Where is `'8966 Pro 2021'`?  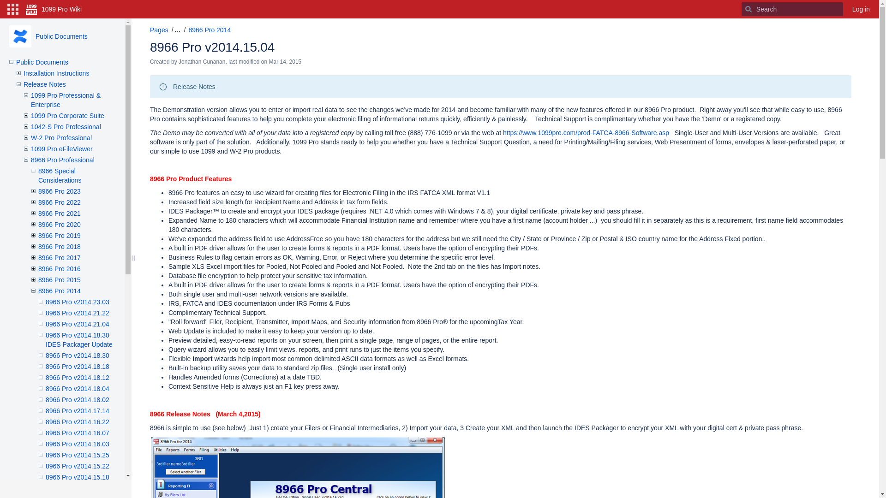 '8966 Pro 2021' is located at coordinates (59, 213).